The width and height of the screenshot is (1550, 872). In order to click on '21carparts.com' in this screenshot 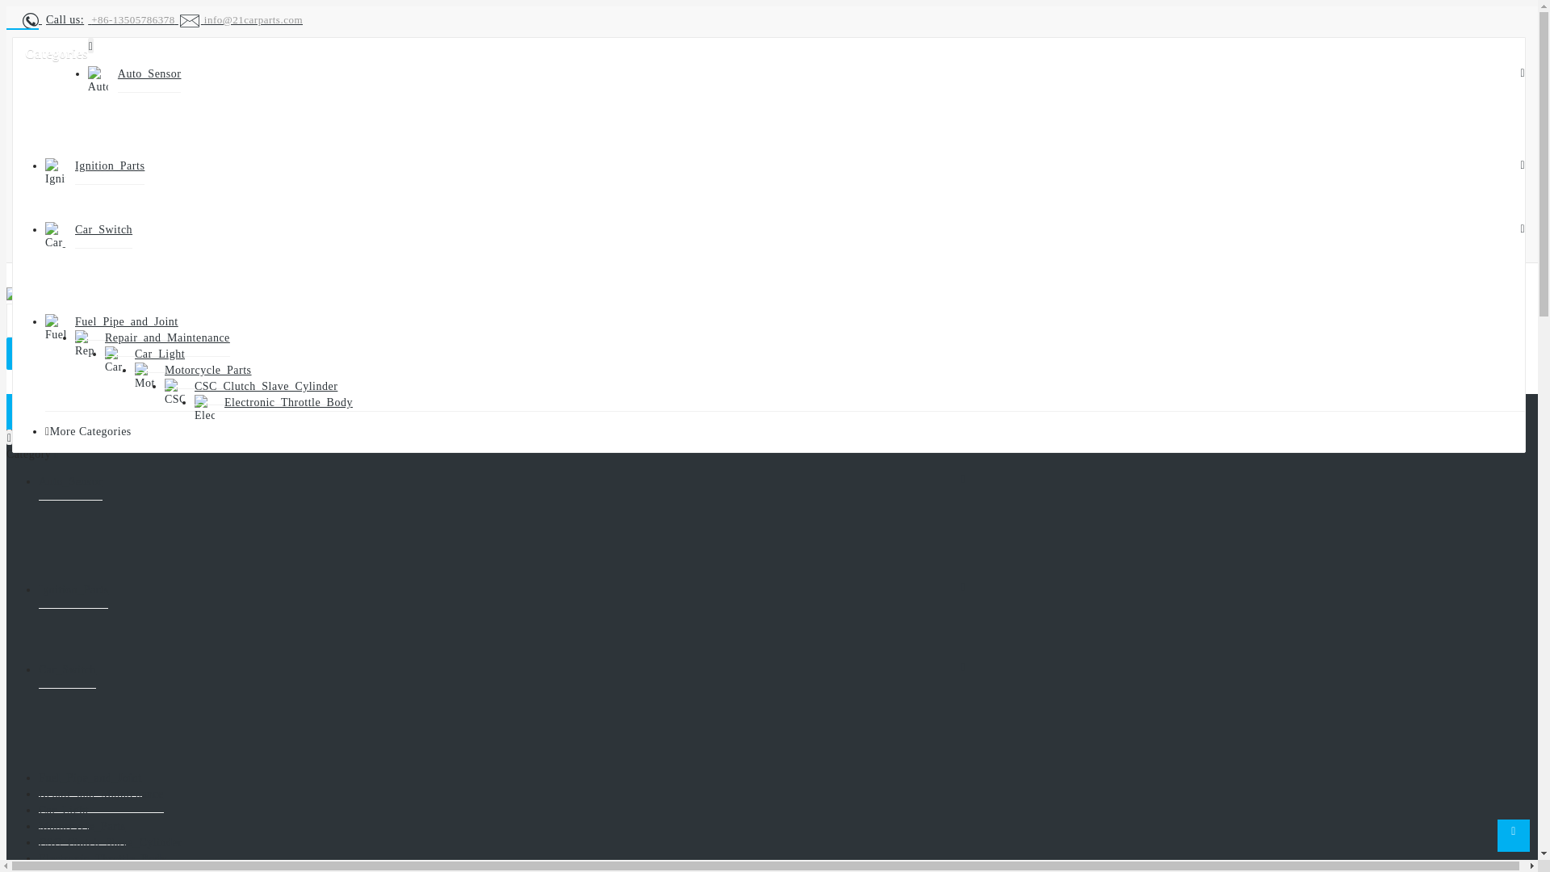, I will do `click(50, 296)`.